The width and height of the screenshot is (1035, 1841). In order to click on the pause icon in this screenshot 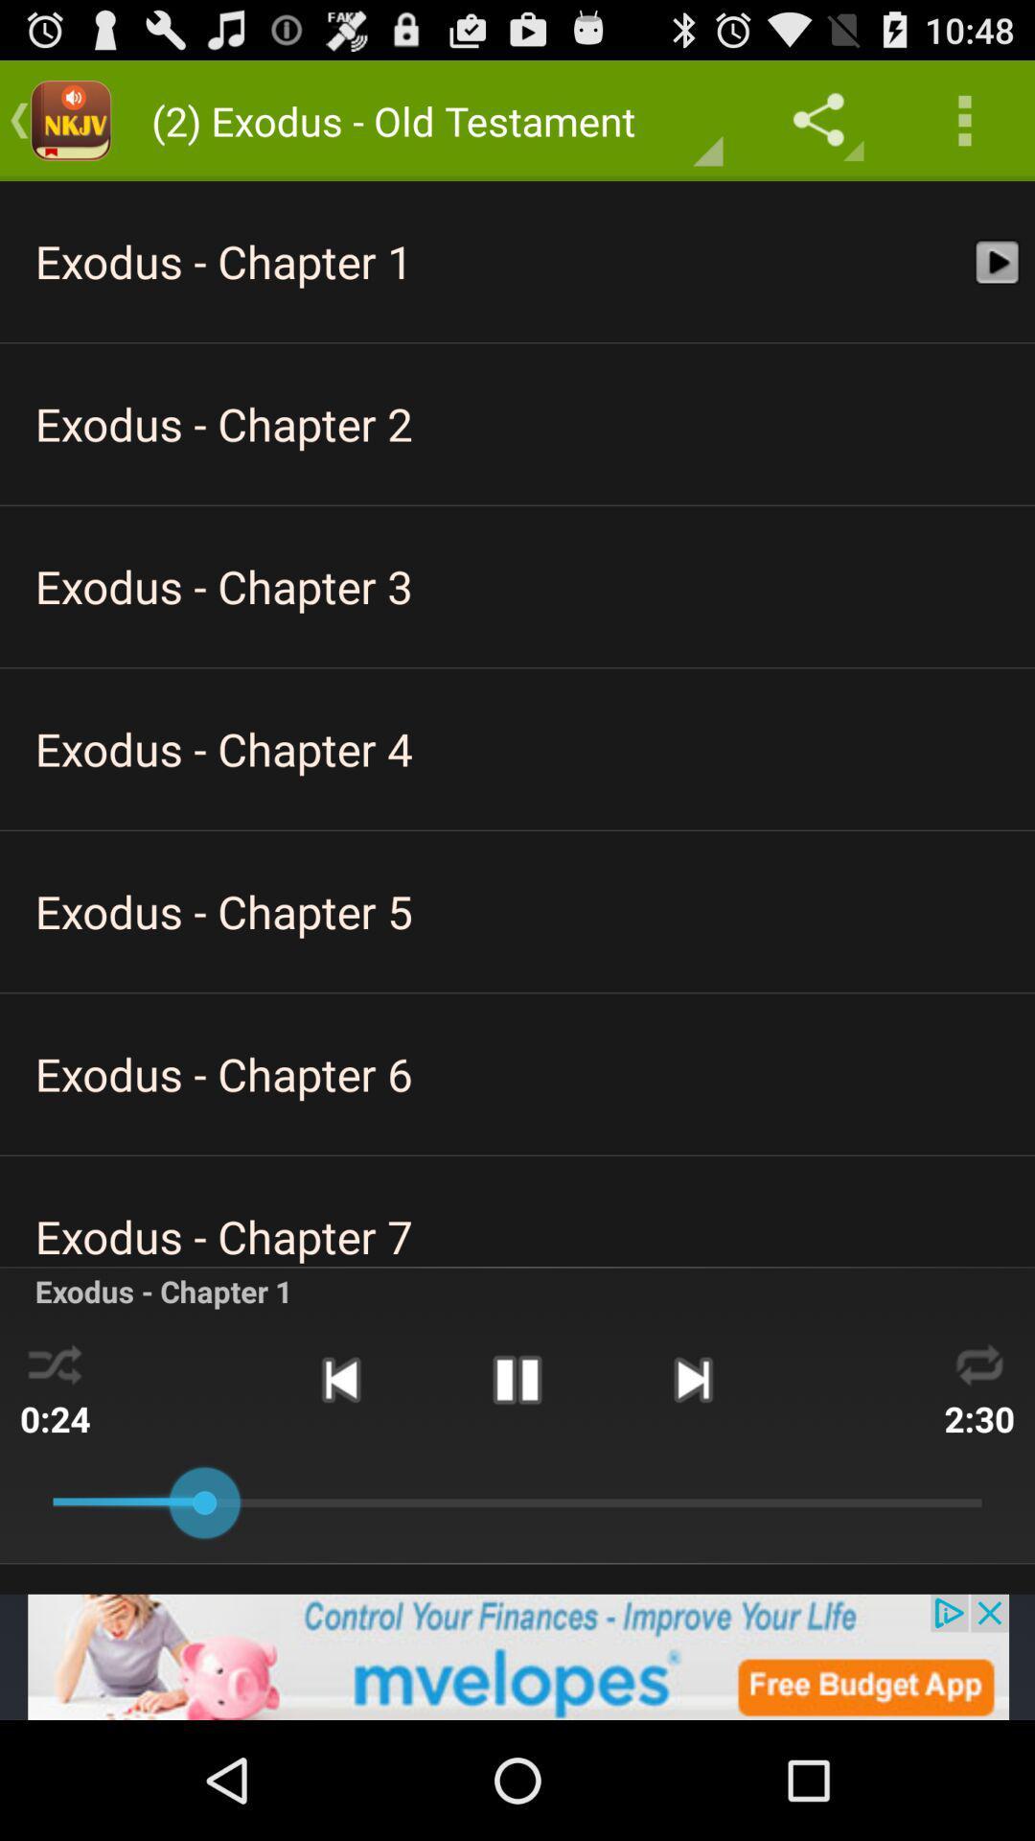, I will do `click(516, 1475)`.